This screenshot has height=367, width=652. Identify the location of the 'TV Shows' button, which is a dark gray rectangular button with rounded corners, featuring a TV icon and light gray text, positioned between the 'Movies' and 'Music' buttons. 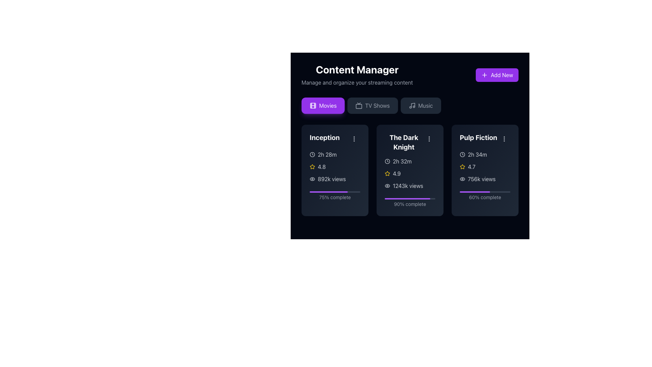
(372, 106).